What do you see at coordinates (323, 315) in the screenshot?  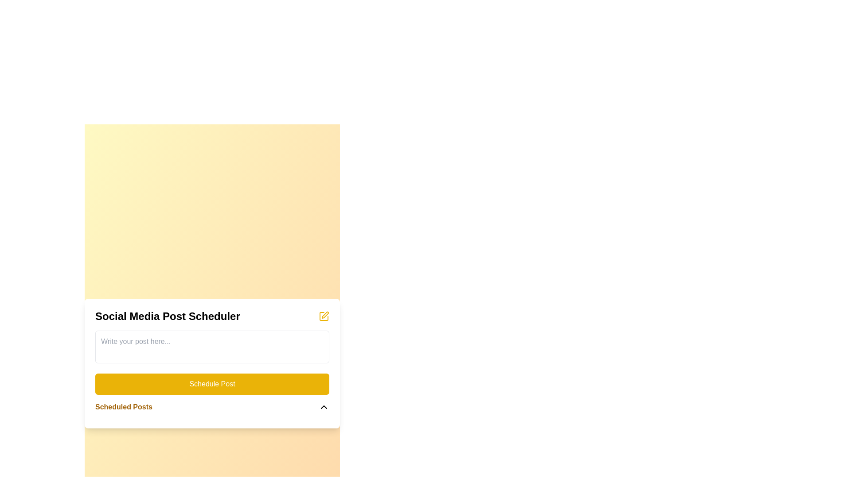 I see `the icon button located near the top-right corner of the 'Social Media Post Scheduler' section` at bounding box center [323, 315].